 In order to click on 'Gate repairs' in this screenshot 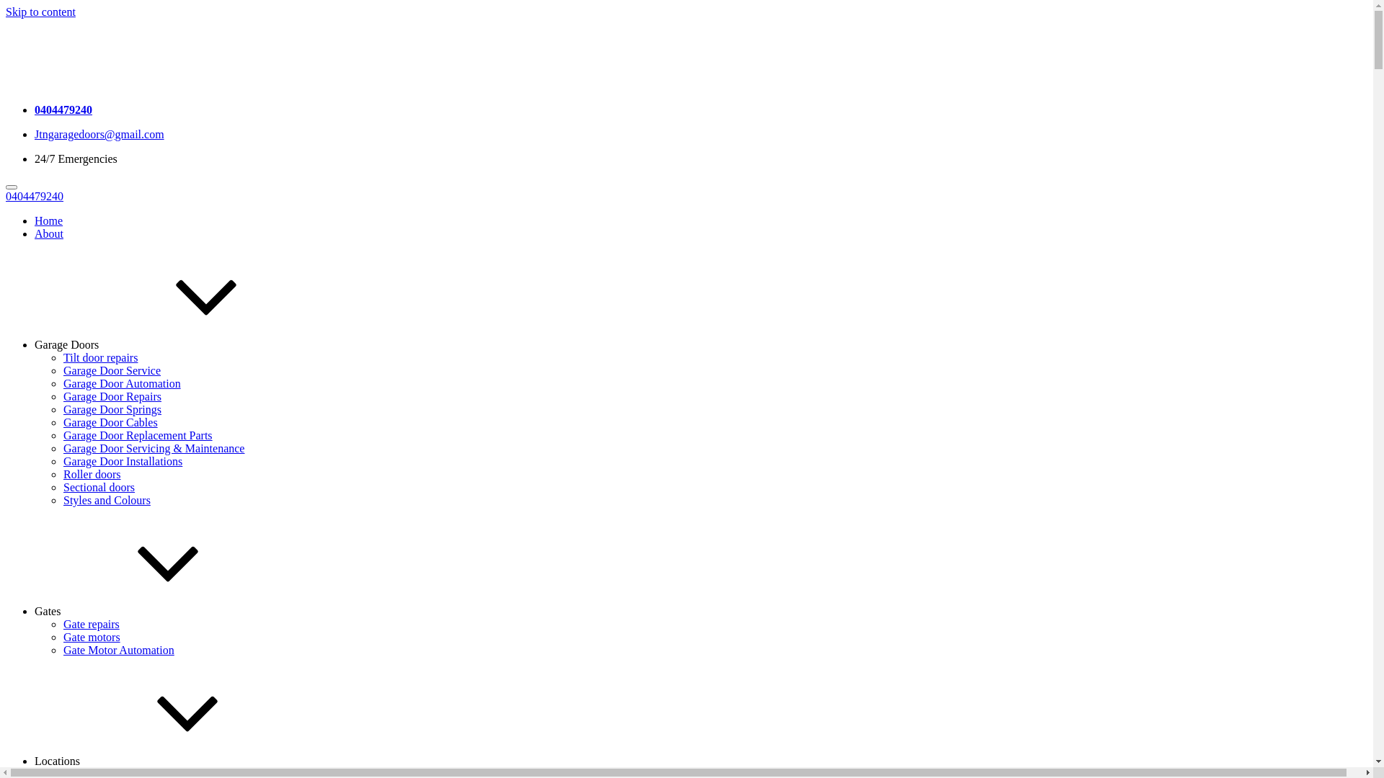, I will do `click(90, 623)`.